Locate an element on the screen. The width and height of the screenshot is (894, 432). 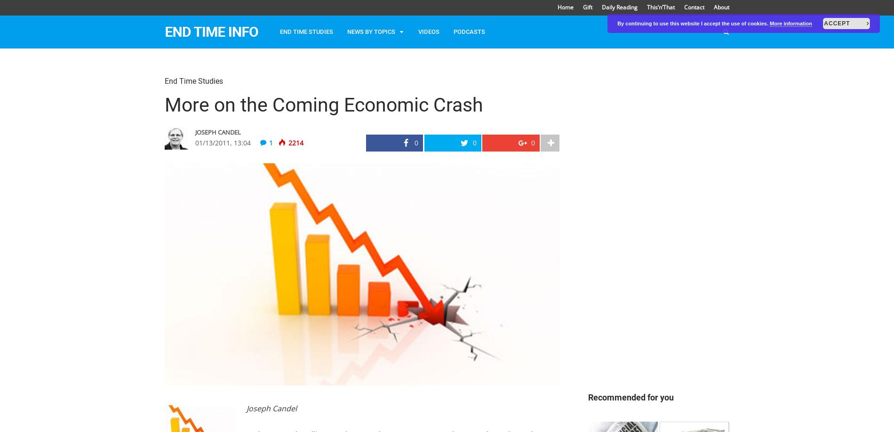
'Accept' is located at coordinates (836, 24).